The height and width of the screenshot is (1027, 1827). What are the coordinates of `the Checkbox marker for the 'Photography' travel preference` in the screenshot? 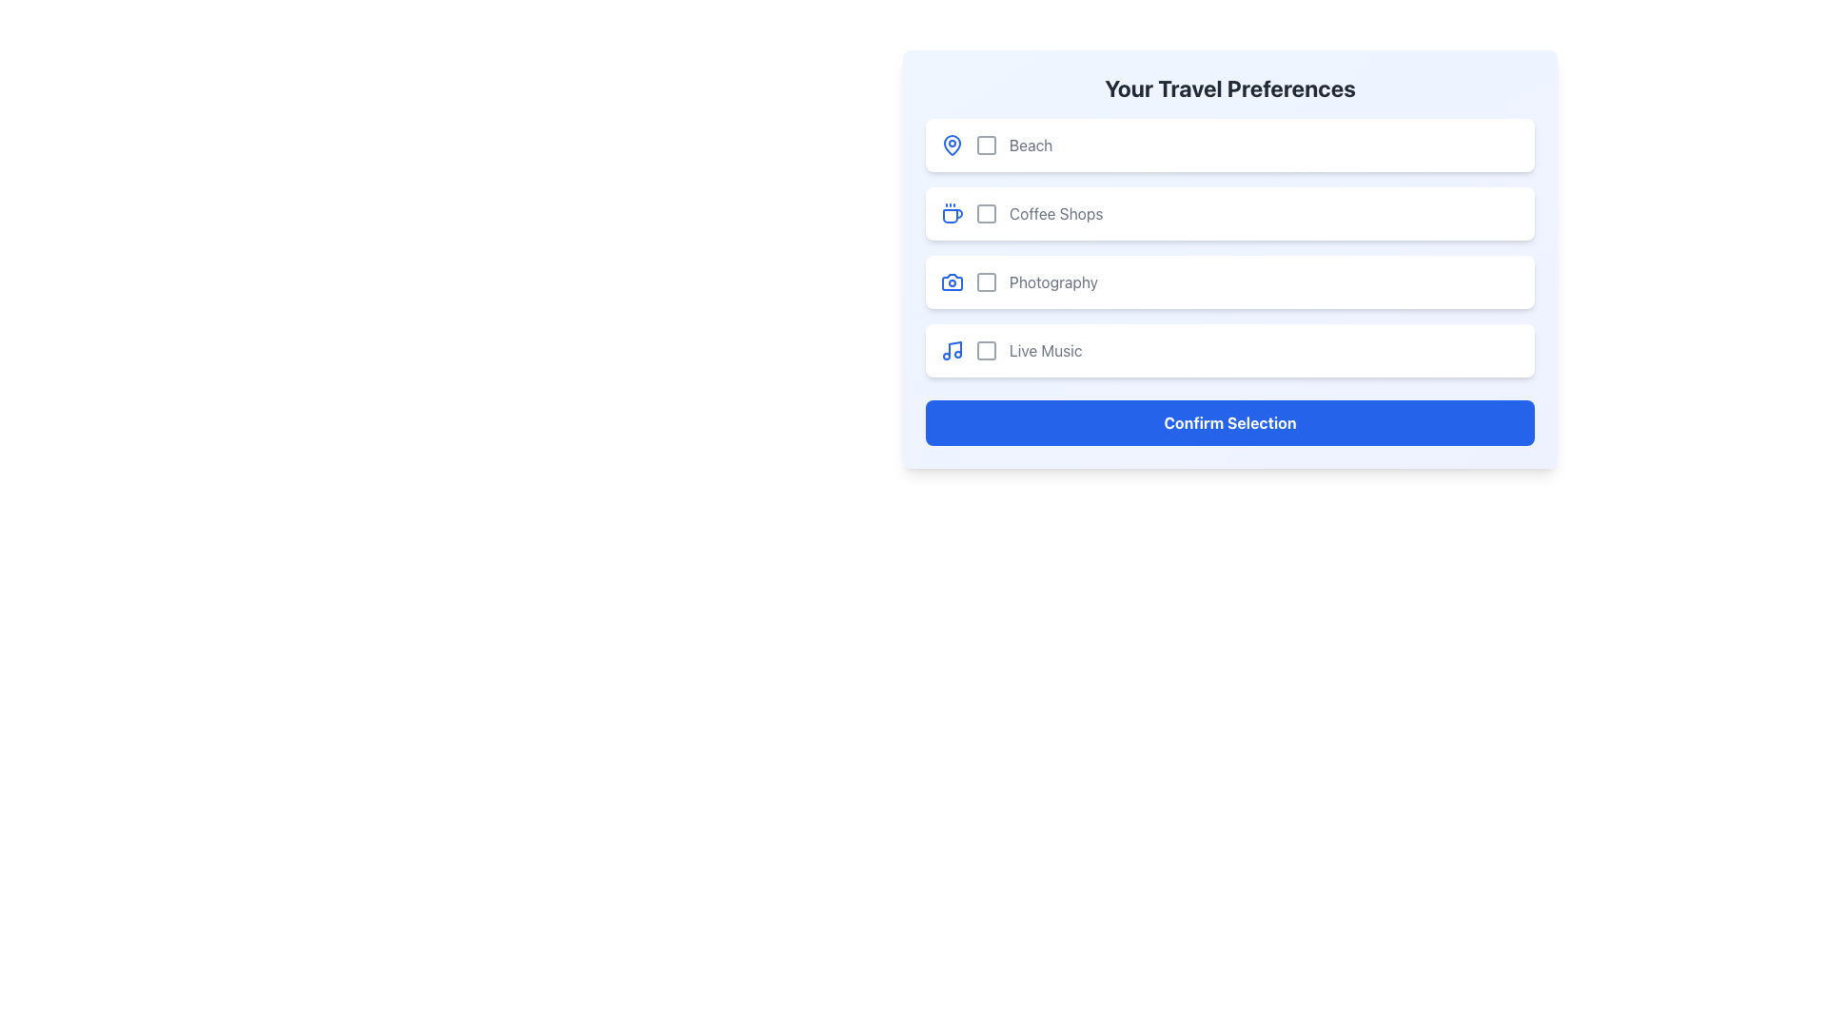 It's located at (986, 282).